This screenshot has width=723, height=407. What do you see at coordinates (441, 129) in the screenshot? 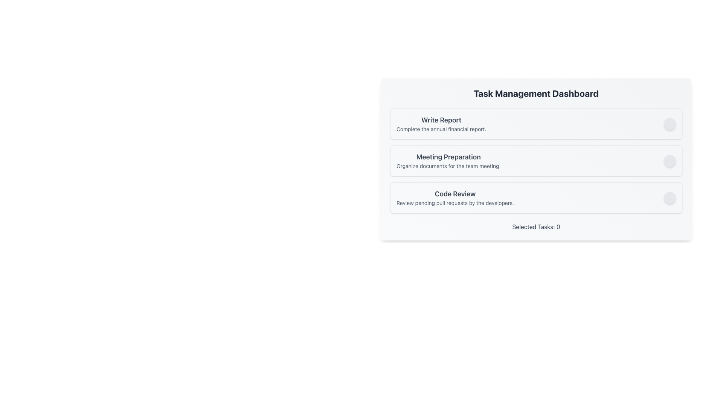
I see `the text label 'Complete the annual financial report.' which is styled in gray and positioned below the header 'Write Report'` at bounding box center [441, 129].